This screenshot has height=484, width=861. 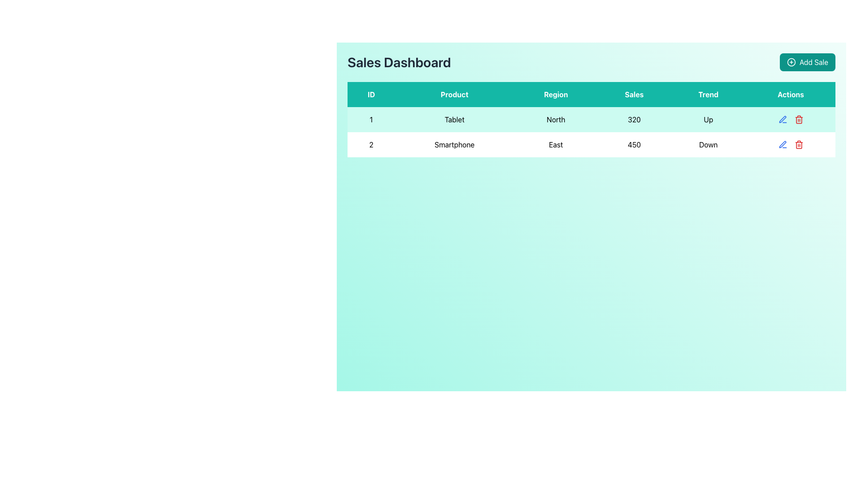 What do you see at coordinates (634, 119) in the screenshot?
I see `sales figure displayed in the Static Text element located in the 'Sales' column under the 'Tablet' row, which is the fourth cell in the table` at bounding box center [634, 119].